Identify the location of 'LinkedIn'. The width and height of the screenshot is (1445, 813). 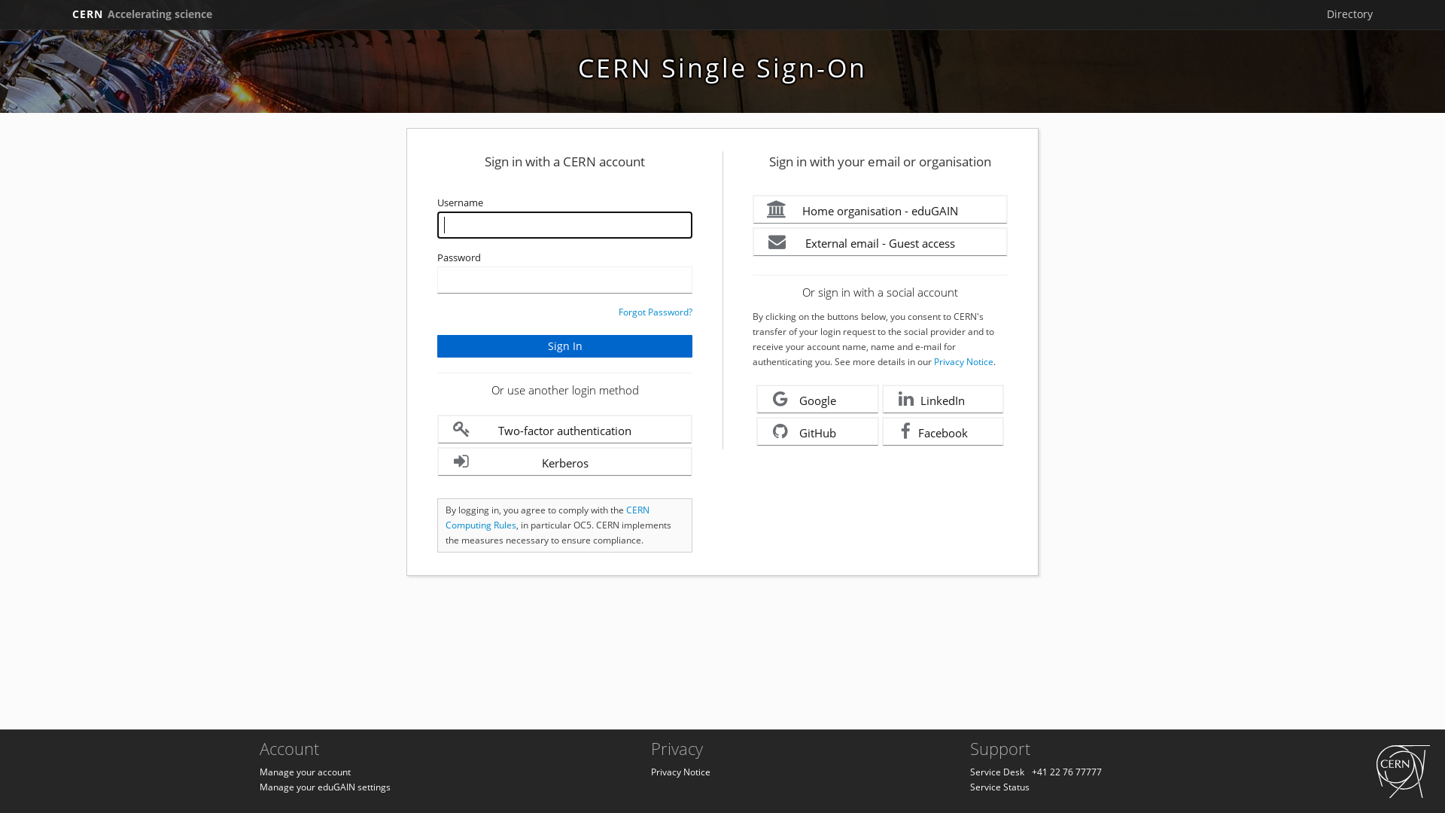
(881, 398).